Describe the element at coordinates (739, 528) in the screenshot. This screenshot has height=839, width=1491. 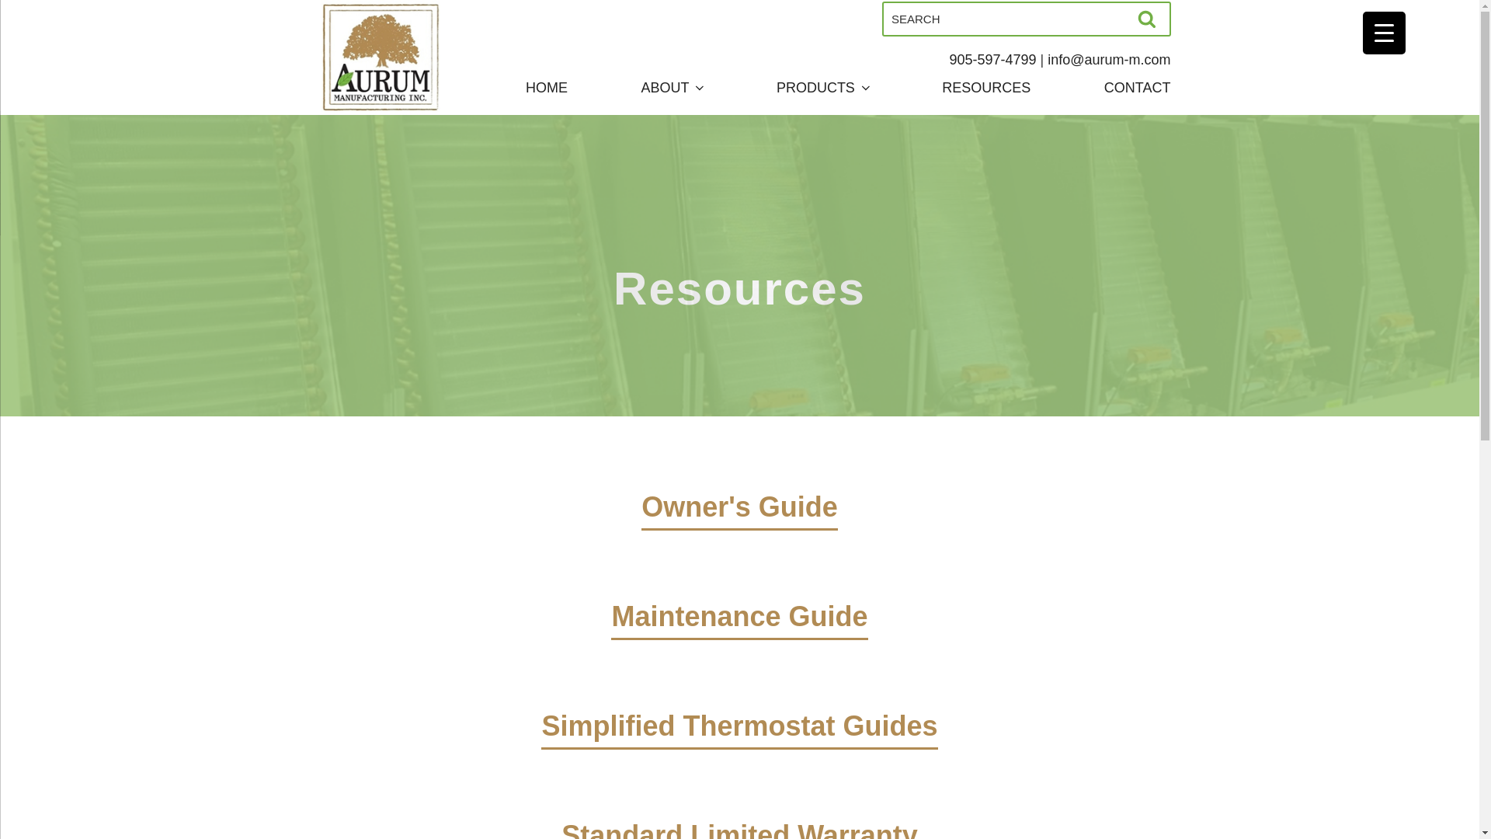
I see `'Owner's Guide'` at that location.